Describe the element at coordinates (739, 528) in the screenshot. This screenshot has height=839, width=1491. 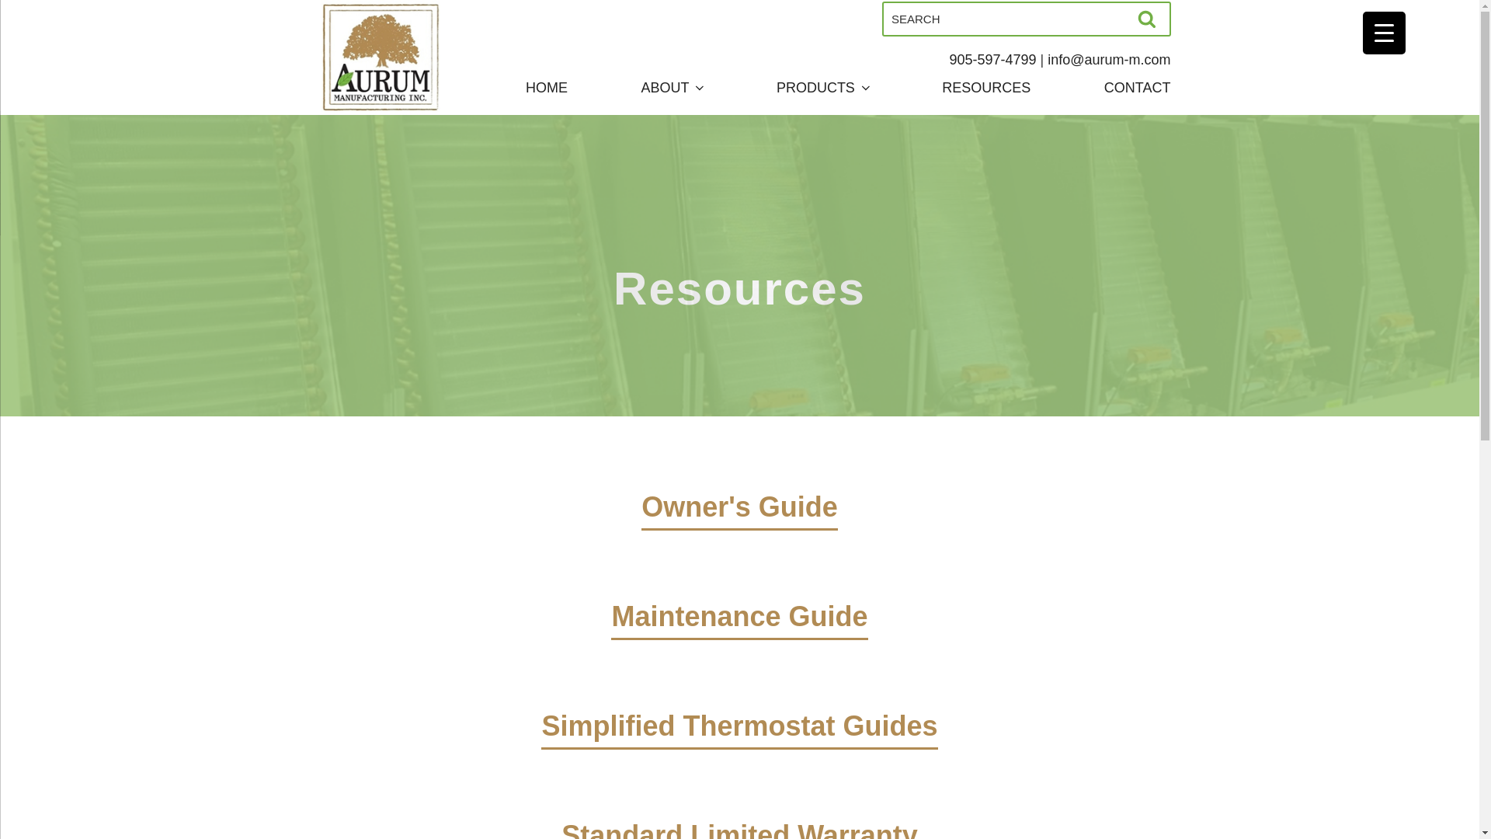
I see `'Owner's Guide'` at that location.